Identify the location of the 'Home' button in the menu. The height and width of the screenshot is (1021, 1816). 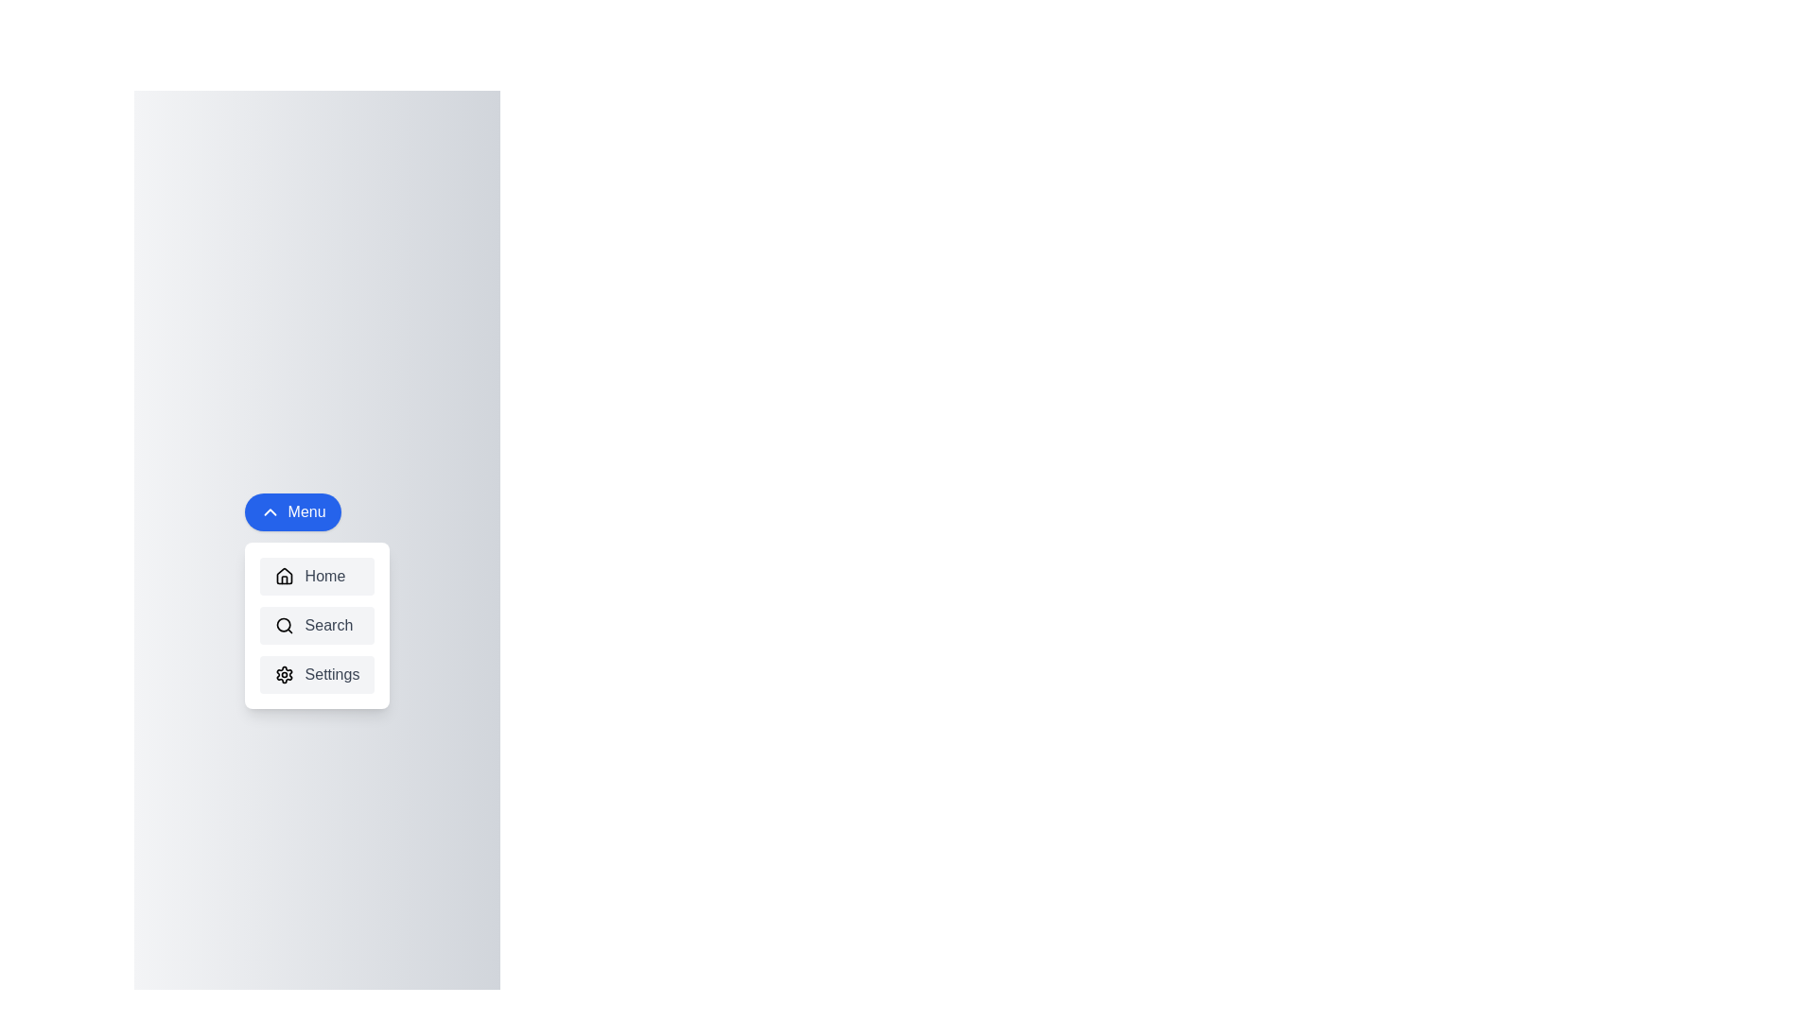
(317, 575).